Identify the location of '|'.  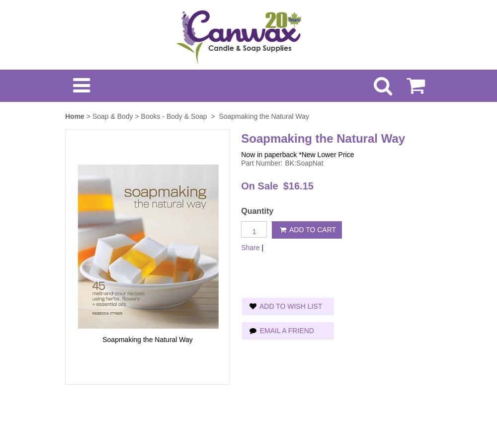
(262, 246).